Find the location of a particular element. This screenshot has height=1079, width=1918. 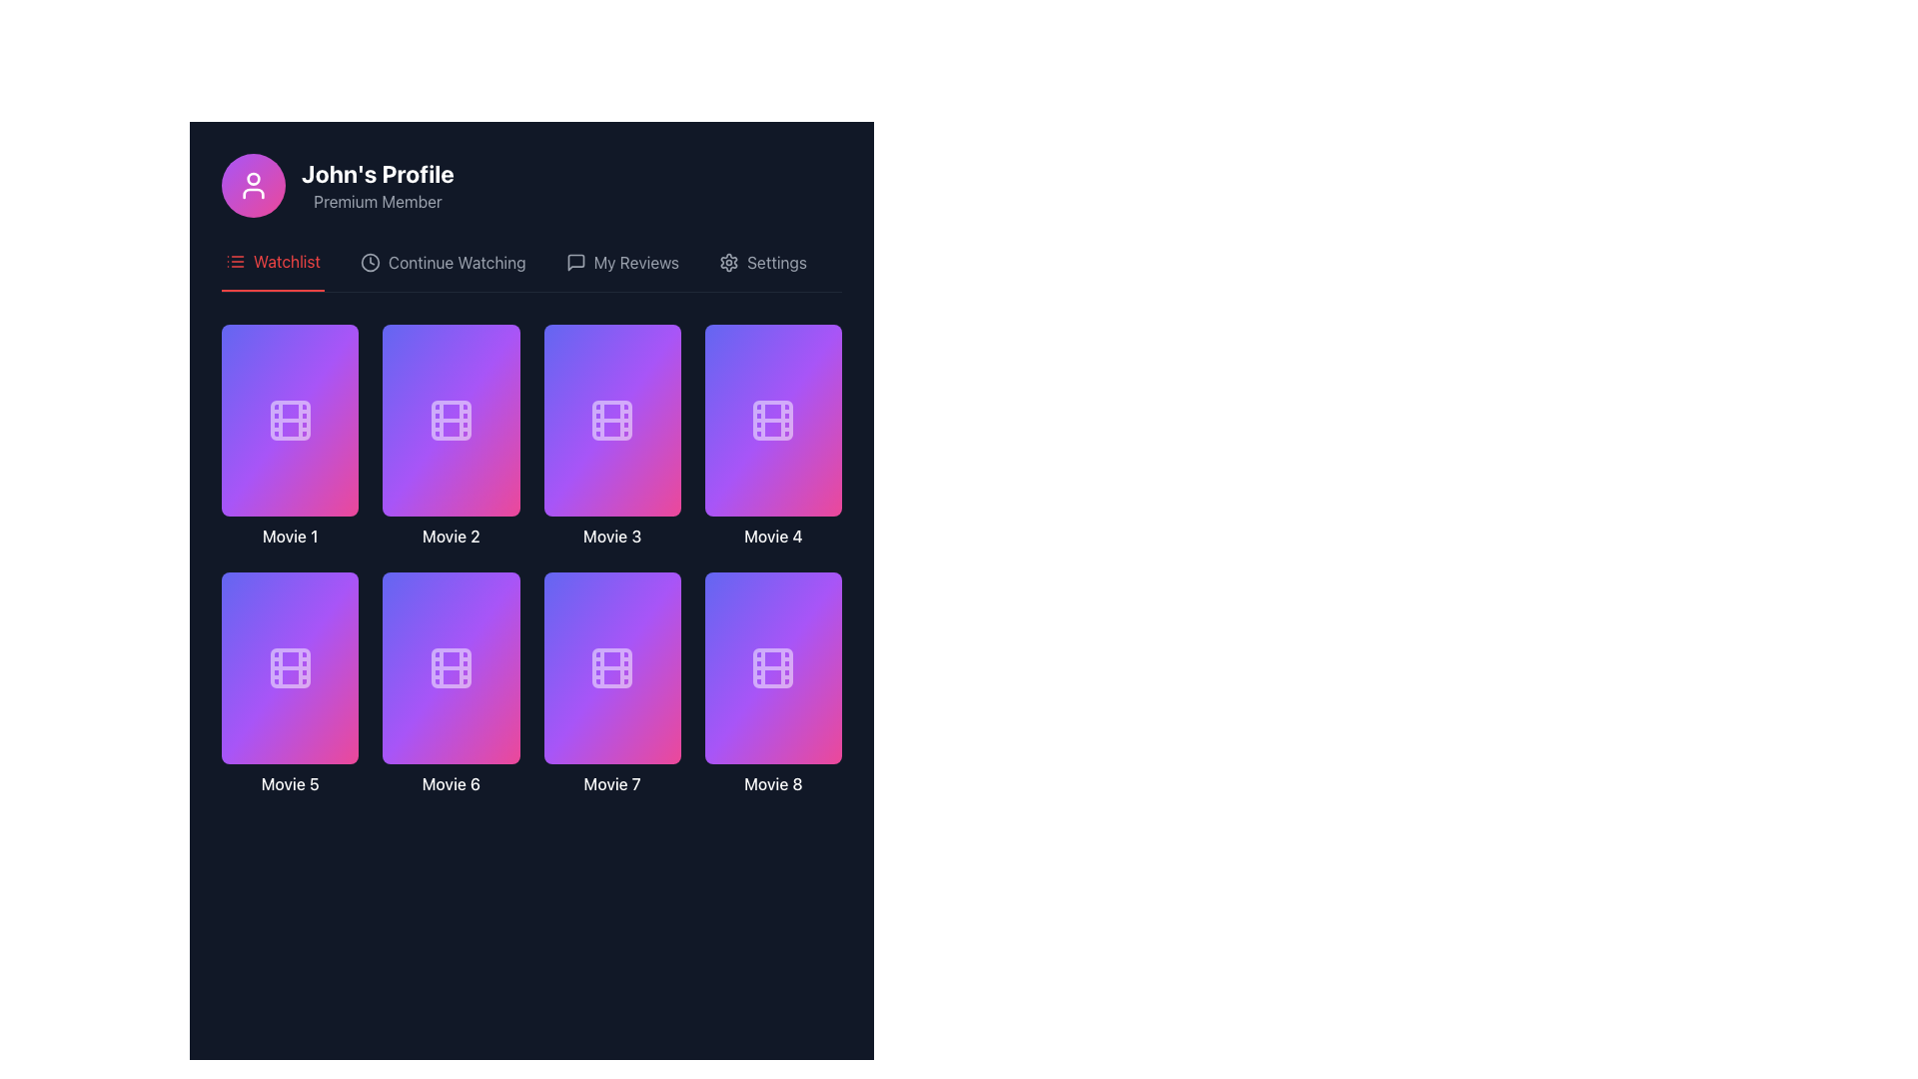

the fourth movie label in the grid layout, located in the top-right corner of the first row is located at coordinates (772, 535).